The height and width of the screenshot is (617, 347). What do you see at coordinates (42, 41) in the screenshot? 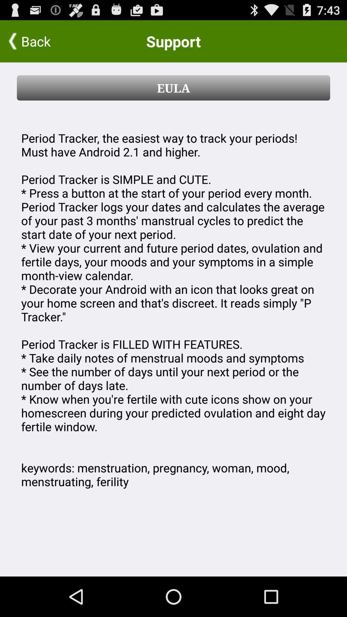
I see `the icon above eula button` at bounding box center [42, 41].